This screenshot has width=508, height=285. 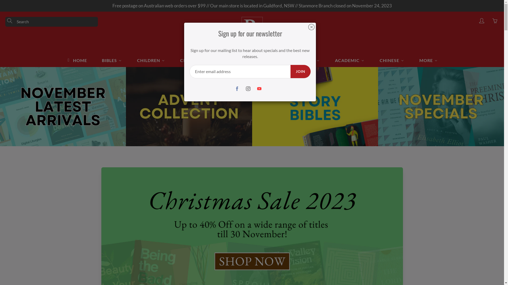 What do you see at coordinates (10, 20) in the screenshot?
I see `'Search'` at bounding box center [10, 20].